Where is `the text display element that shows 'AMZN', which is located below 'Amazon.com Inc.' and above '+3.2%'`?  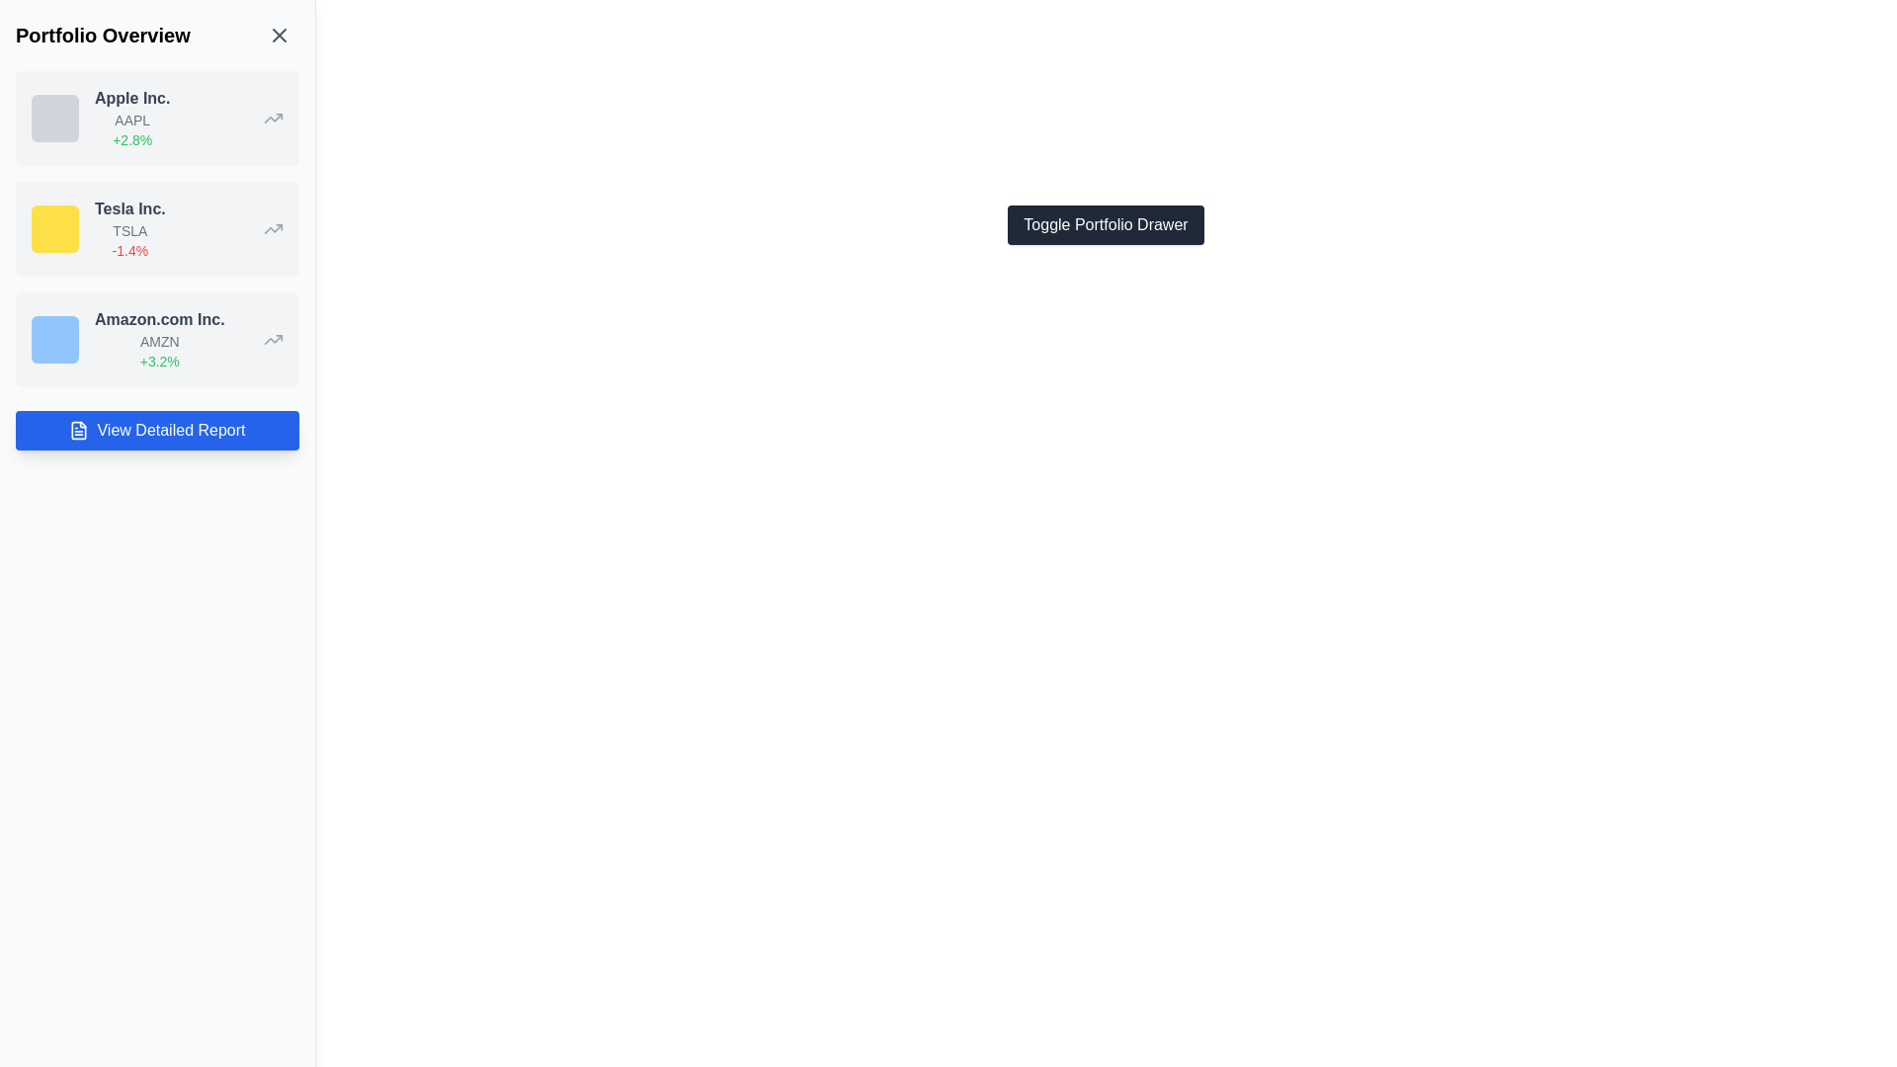
the text display element that shows 'AMZN', which is located below 'Amazon.com Inc.' and above '+3.2%' is located at coordinates (159, 341).